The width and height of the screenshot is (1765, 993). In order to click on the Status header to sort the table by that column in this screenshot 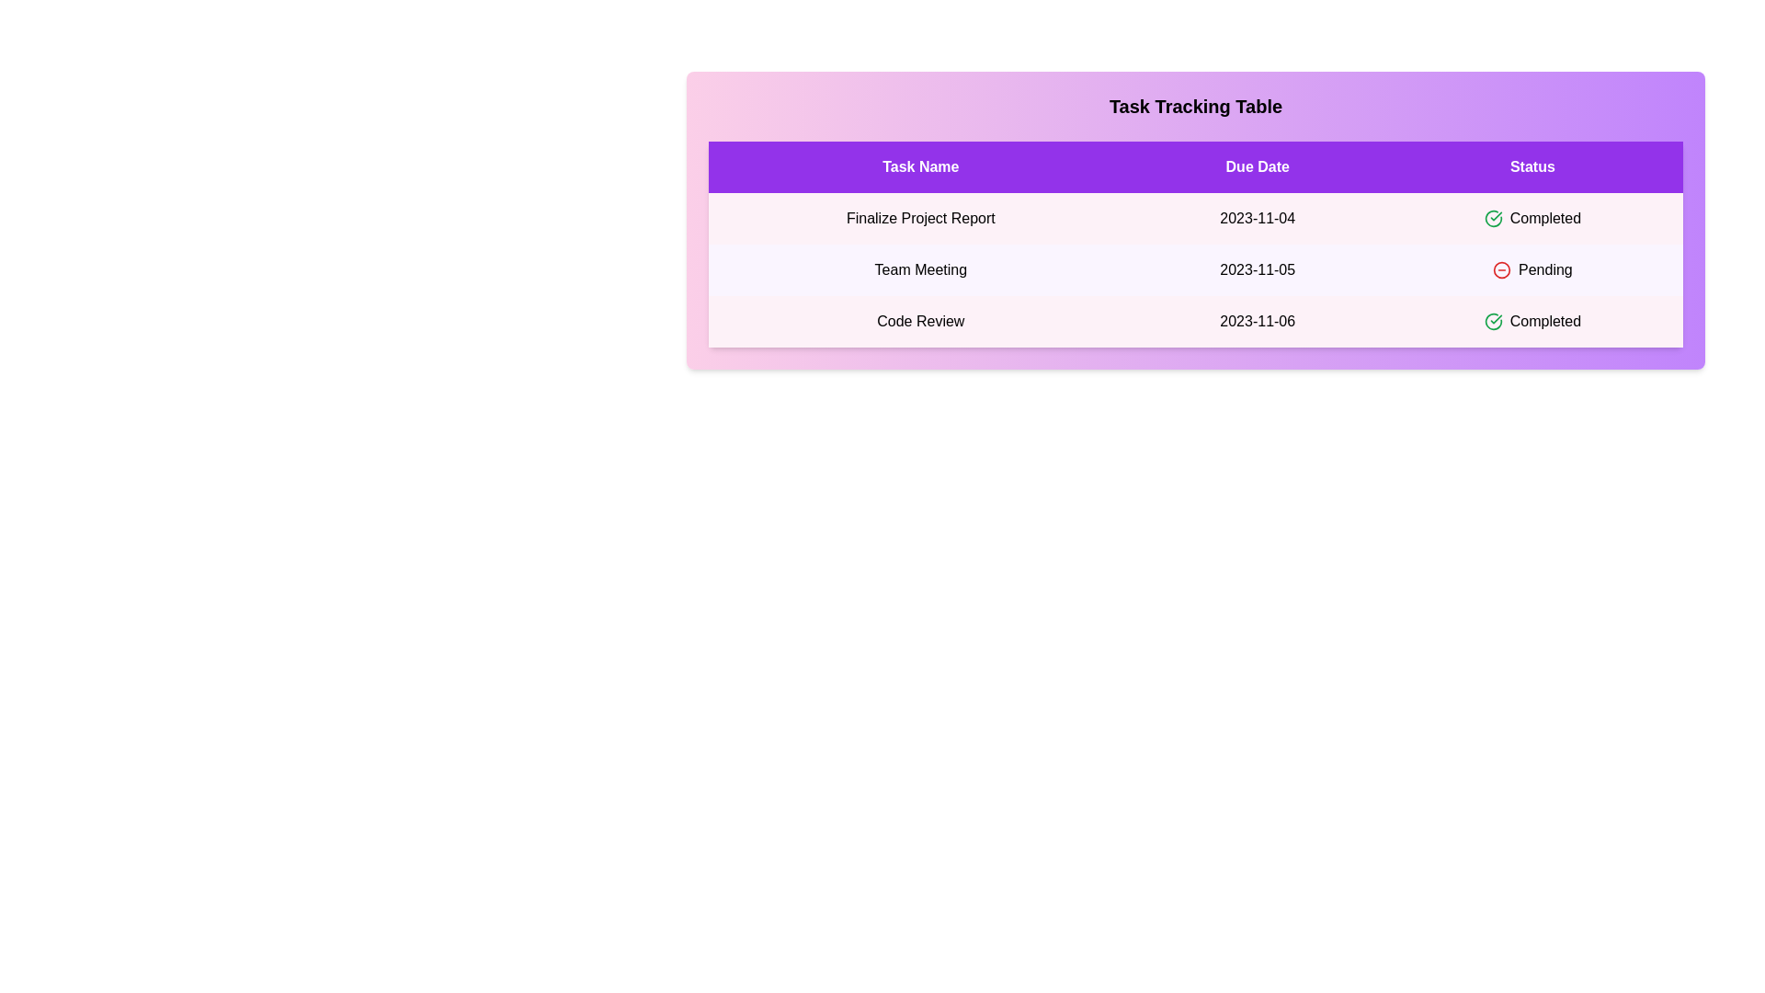, I will do `click(1532, 166)`.